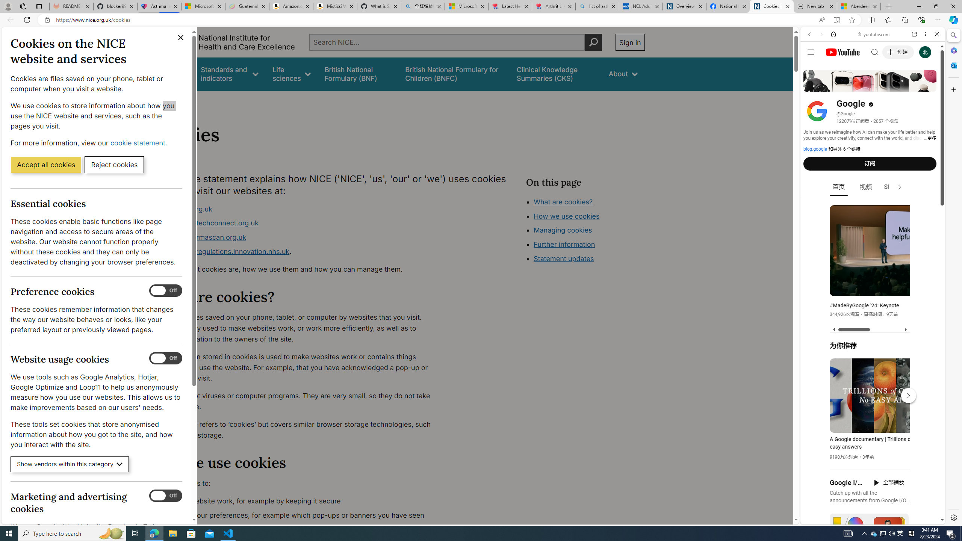 The width and height of the screenshot is (962, 541). What do you see at coordinates (899, 187) in the screenshot?
I see `'Class: style-scope tp-yt-iron-icon'` at bounding box center [899, 187].